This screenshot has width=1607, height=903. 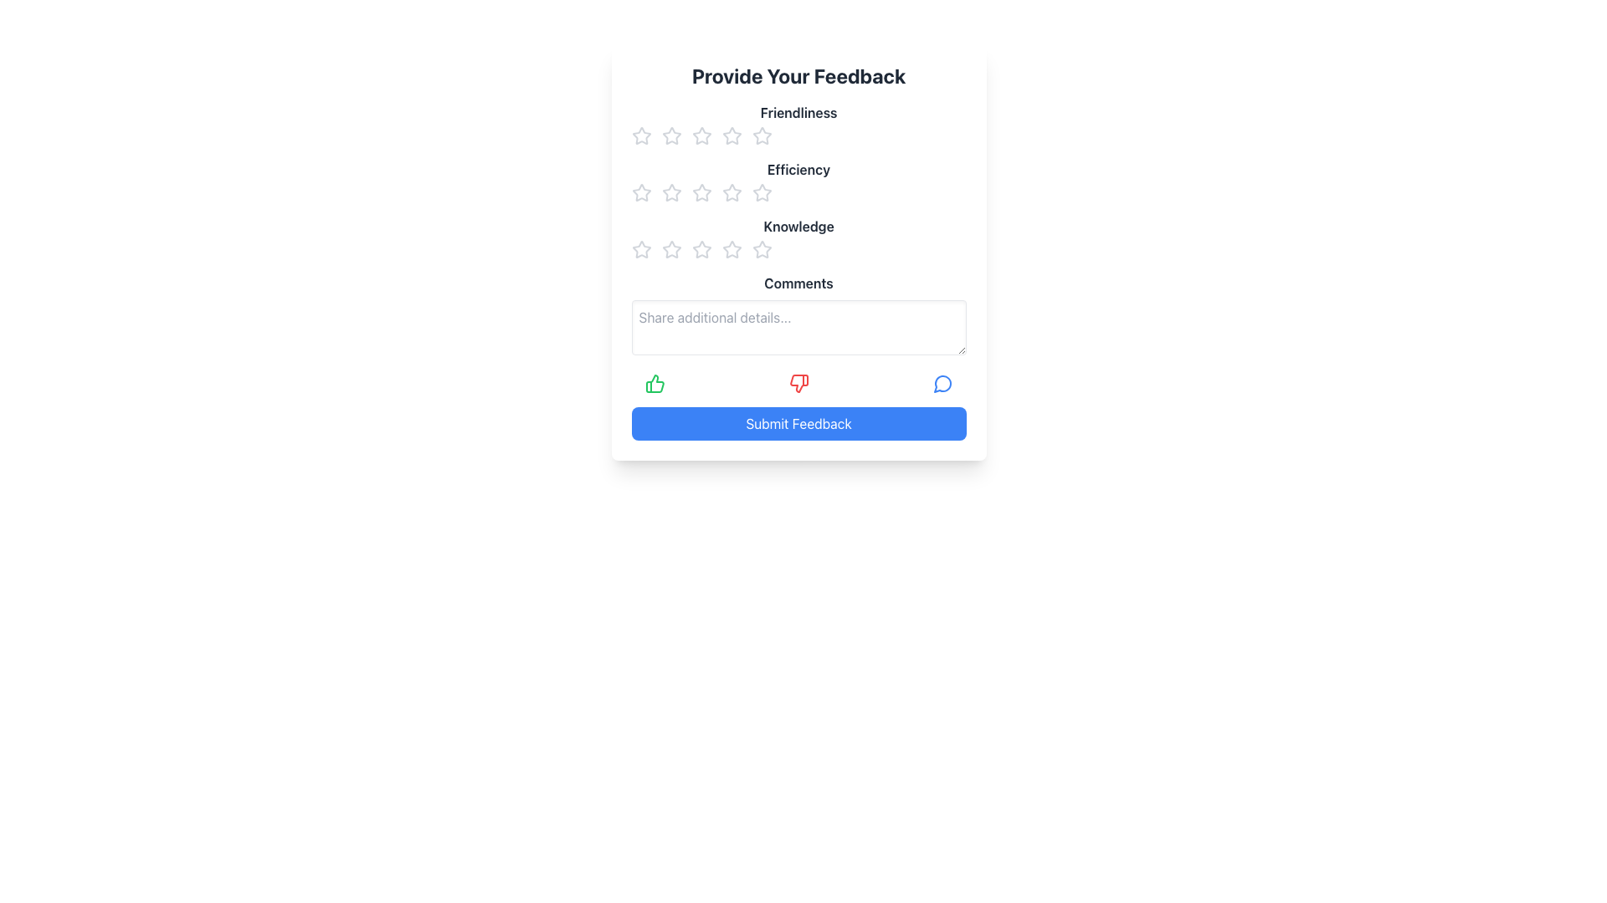 I want to click on the negative feedback icon, which is the second interactive icon in a horizontal row of feedback options, to register negative feedback, so click(x=798, y=384).